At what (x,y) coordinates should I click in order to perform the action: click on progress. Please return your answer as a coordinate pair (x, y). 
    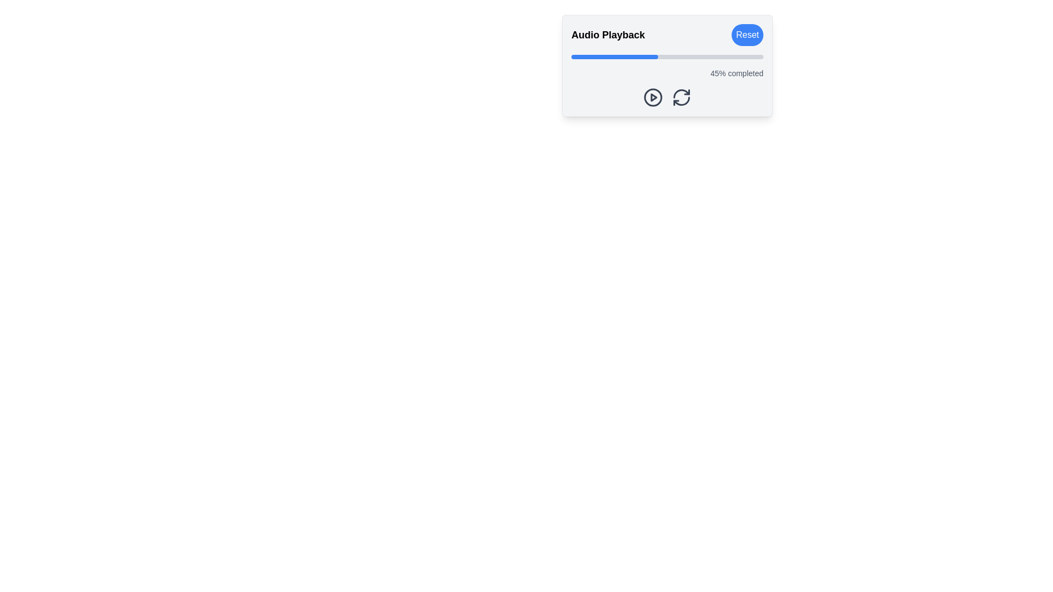
    Looking at the image, I should click on (594, 57).